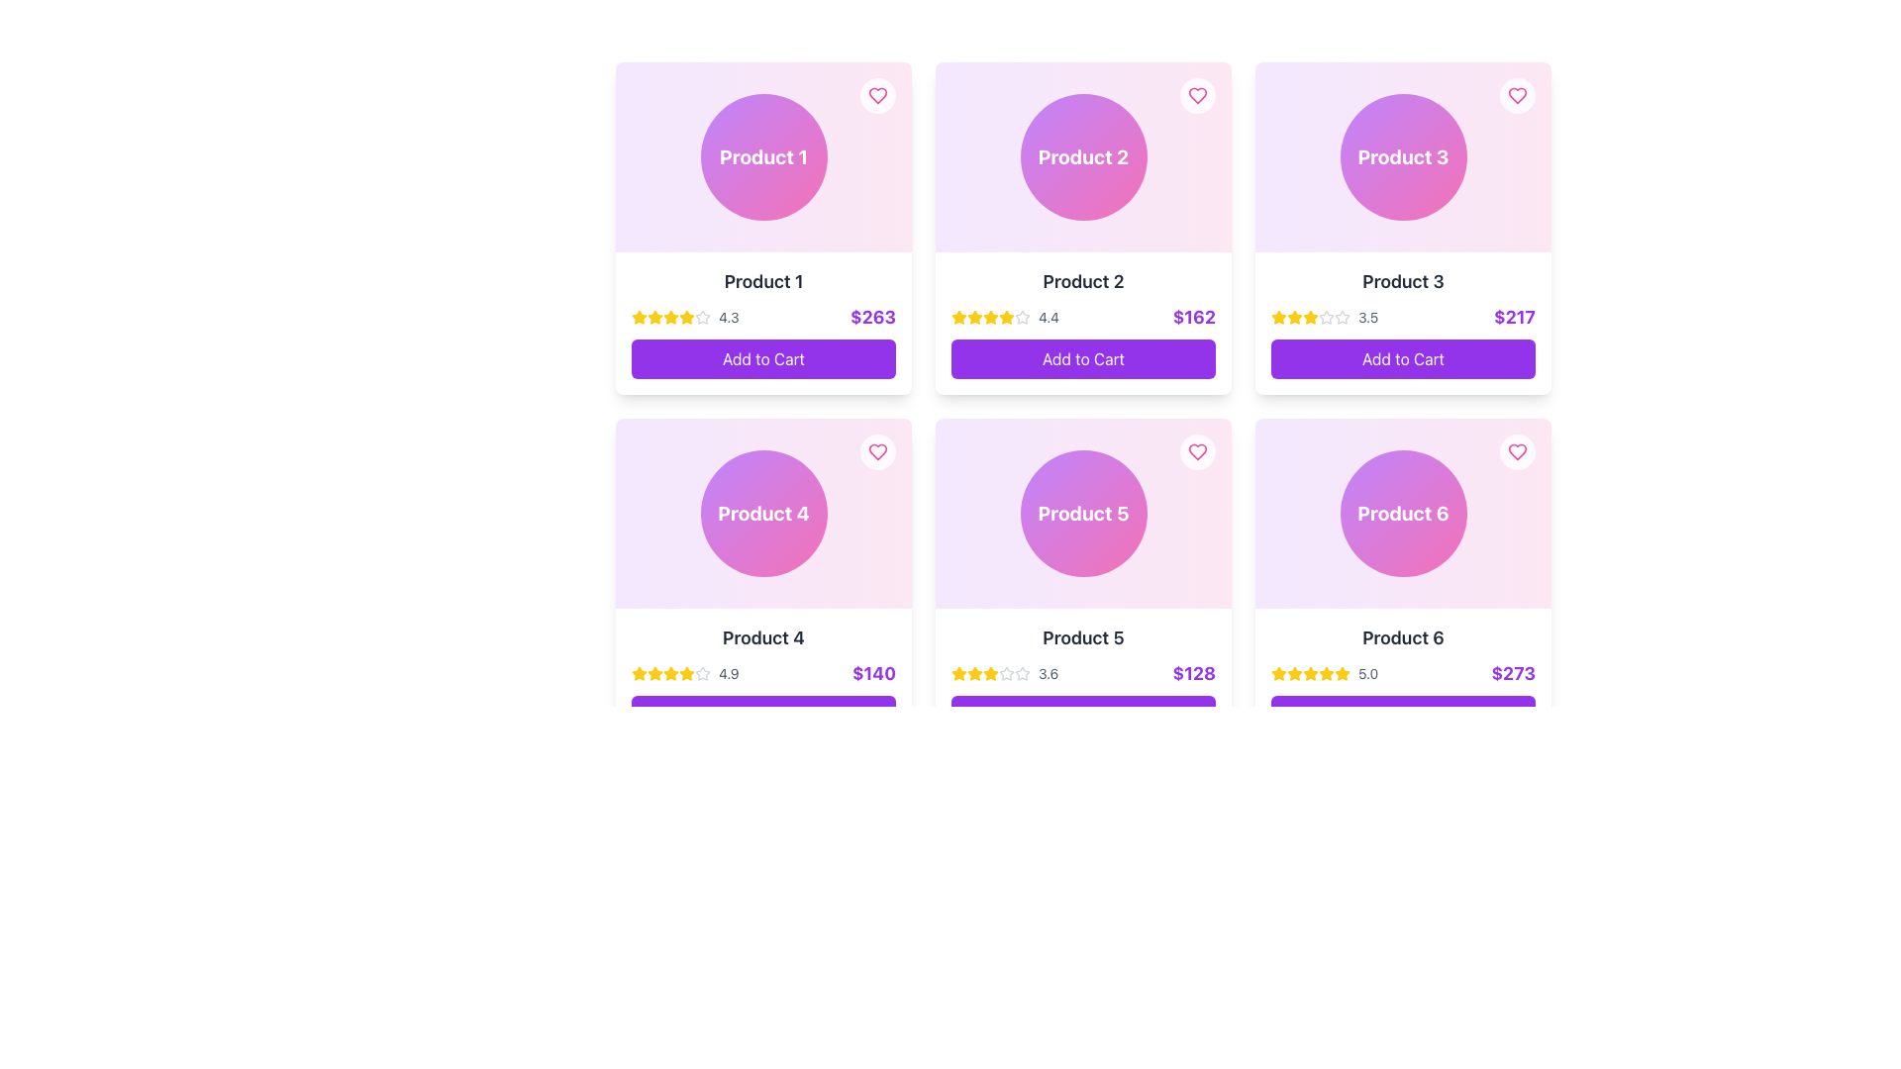 This screenshot has width=1901, height=1069. I want to click on the circular icon that visually identifies the product, showcasing the product name, located in the center of the 'Product 3' card in the top-right corner of a 3x2 grid layout, so click(1402, 155).